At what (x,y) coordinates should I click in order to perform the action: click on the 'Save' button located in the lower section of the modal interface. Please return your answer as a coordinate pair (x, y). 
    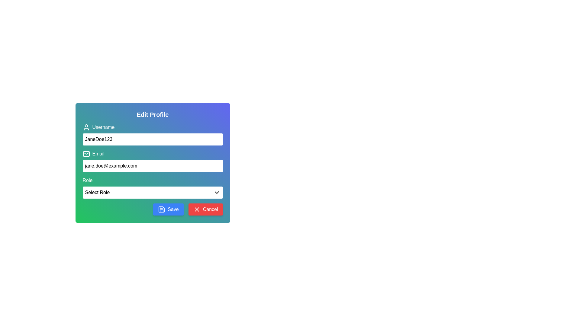
    Looking at the image, I should click on (168, 209).